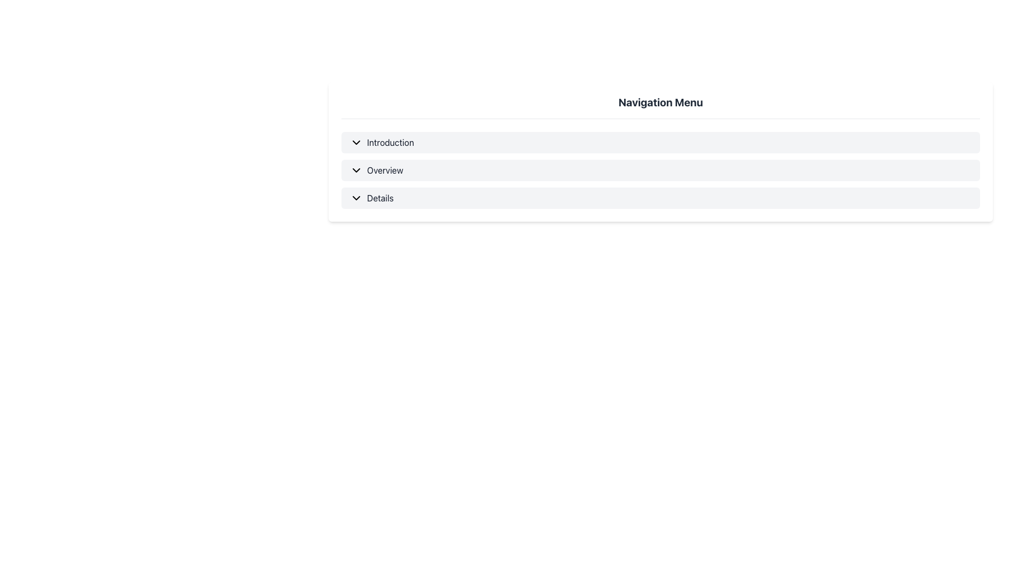 This screenshot has height=577, width=1026. Describe the element at coordinates (385, 170) in the screenshot. I see `the 'Overview' interactive link in the navigation menu` at that location.